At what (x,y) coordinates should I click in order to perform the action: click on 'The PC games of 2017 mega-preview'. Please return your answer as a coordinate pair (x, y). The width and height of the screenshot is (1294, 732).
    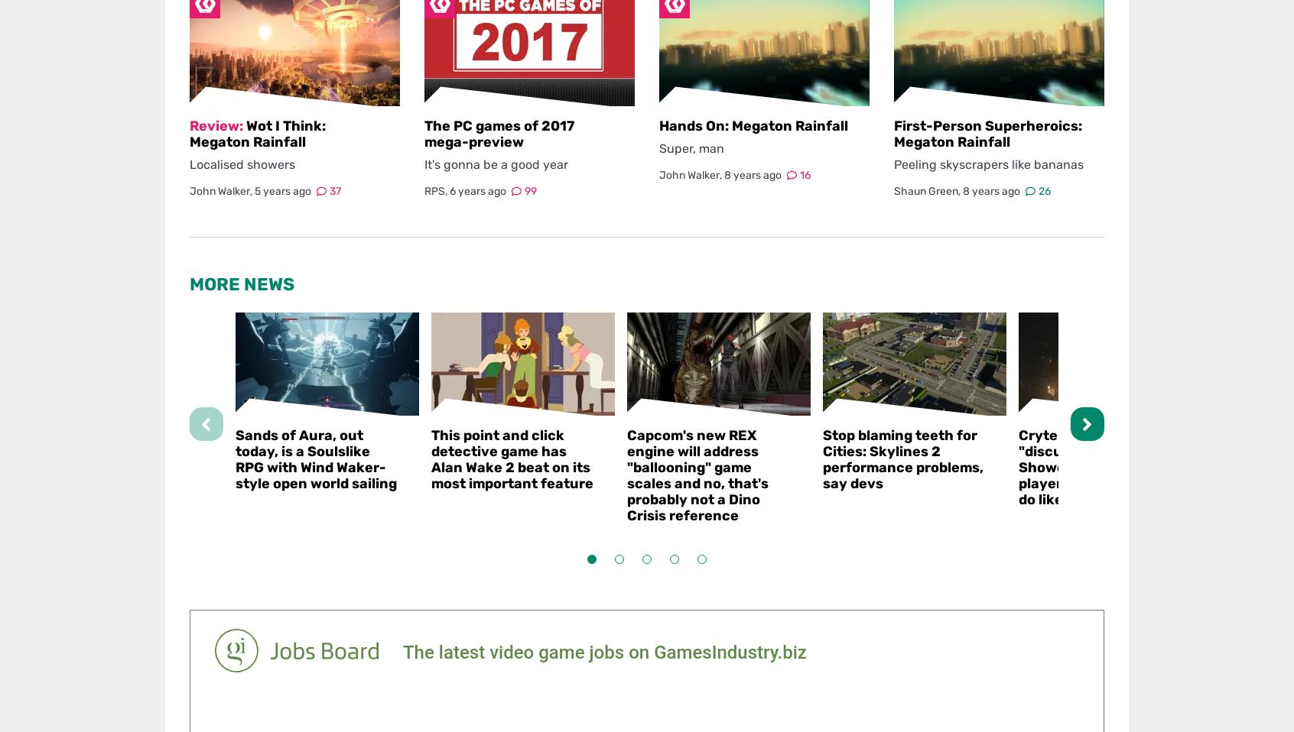
    Looking at the image, I should click on (499, 133).